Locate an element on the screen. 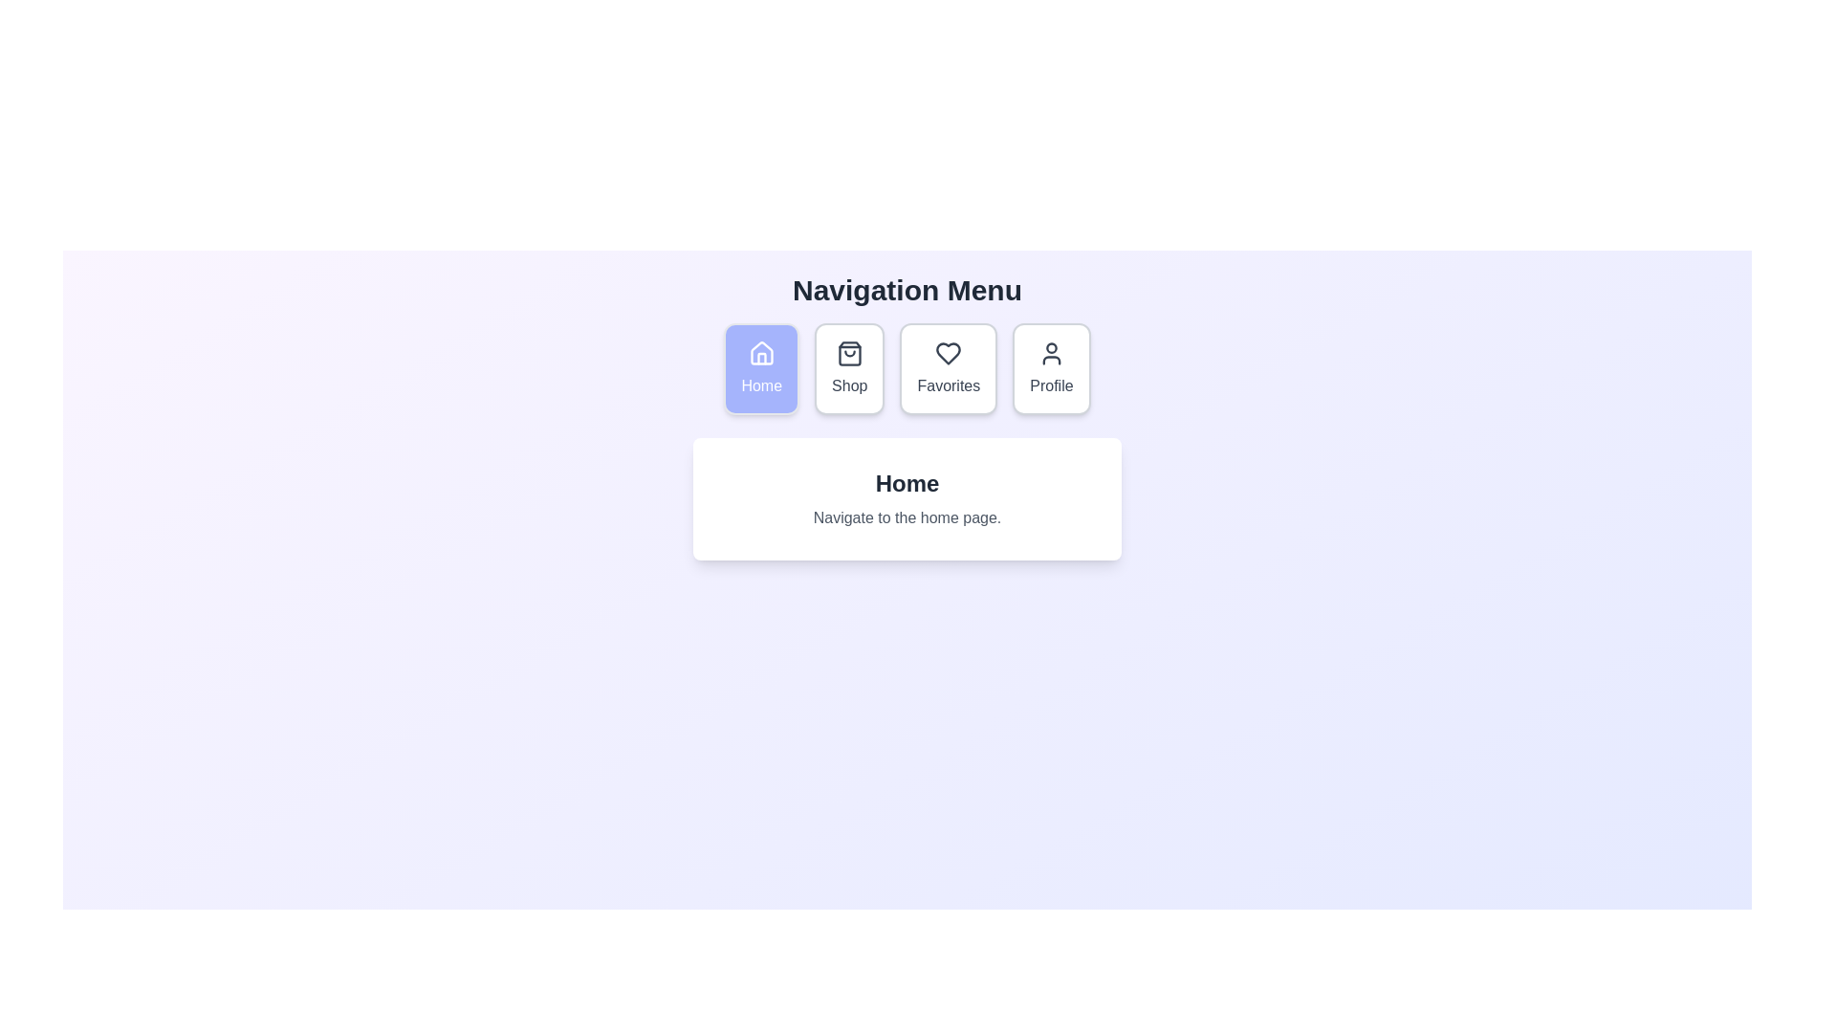  the Shop icon button in the navigation menu, which is the second button from the left is located at coordinates (848, 354).